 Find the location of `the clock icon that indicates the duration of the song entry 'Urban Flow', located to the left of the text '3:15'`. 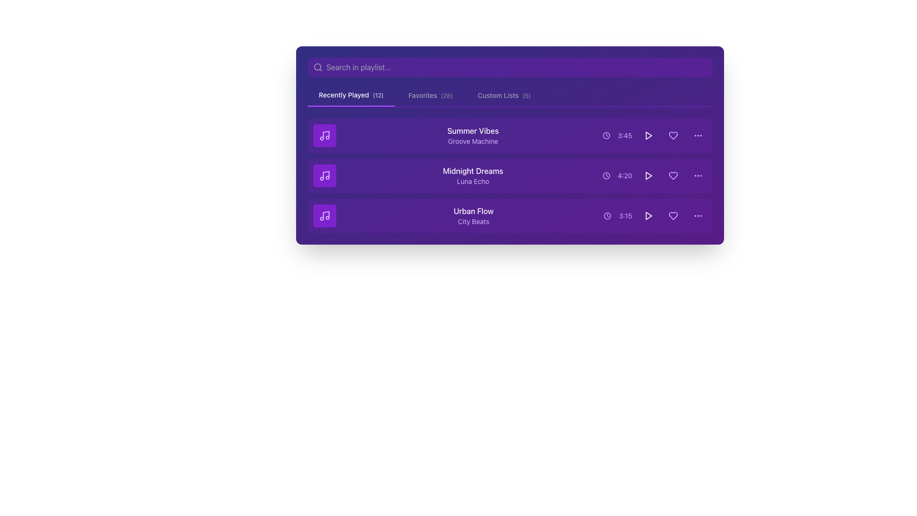

the clock icon that indicates the duration of the song entry 'Urban Flow', located to the left of the text '3:15' is located at coordinates (607, 215).